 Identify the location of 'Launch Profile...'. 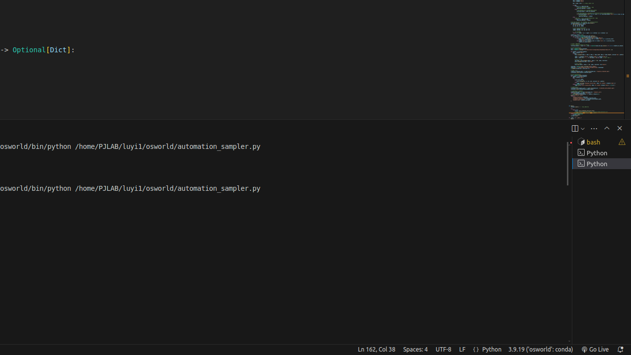
(582, 128).